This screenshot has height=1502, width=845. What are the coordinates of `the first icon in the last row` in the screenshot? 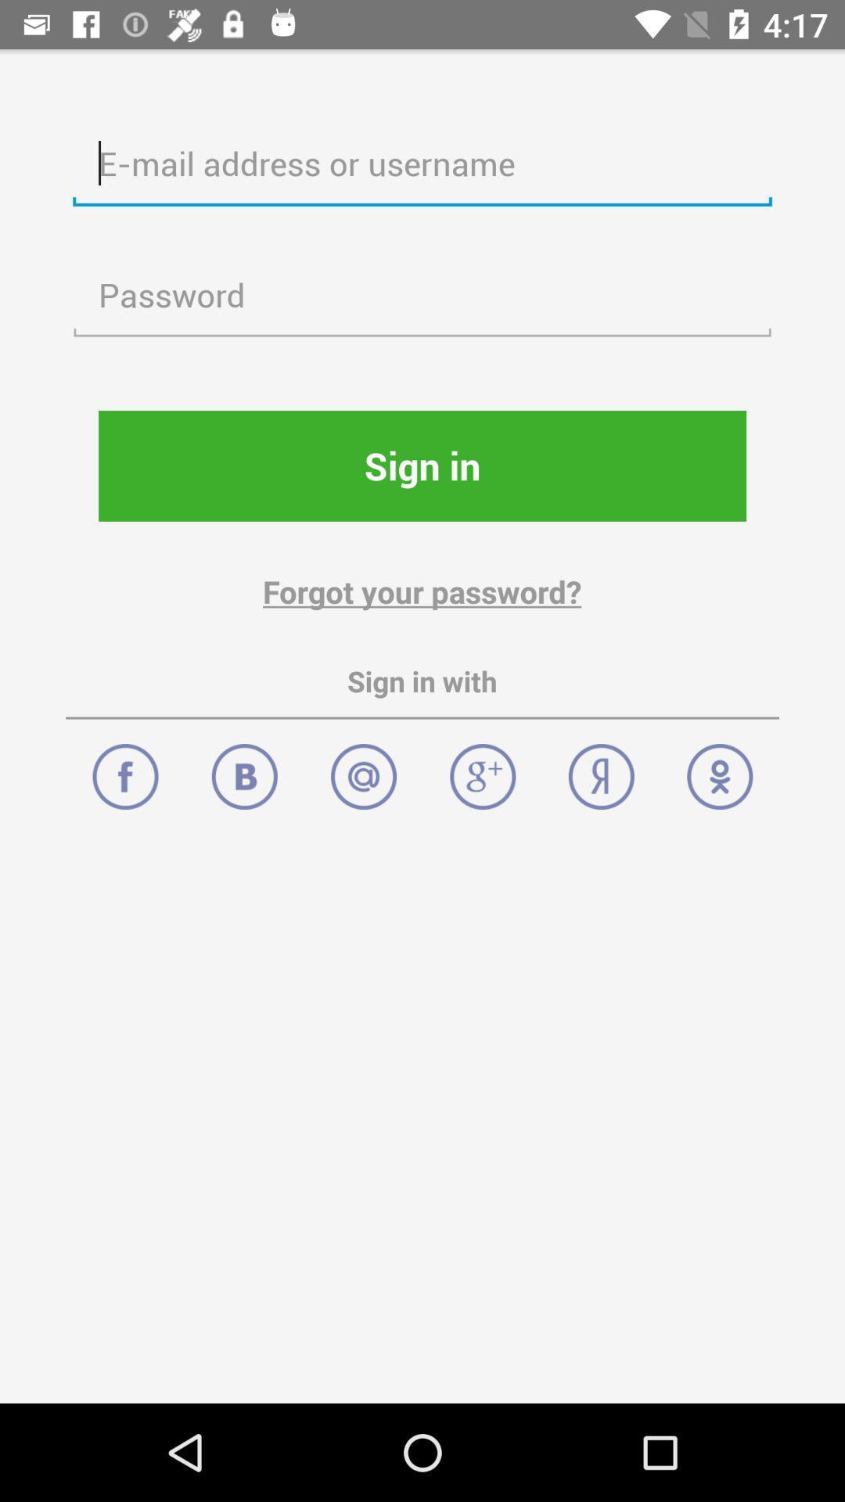 It's located at (124, 768).